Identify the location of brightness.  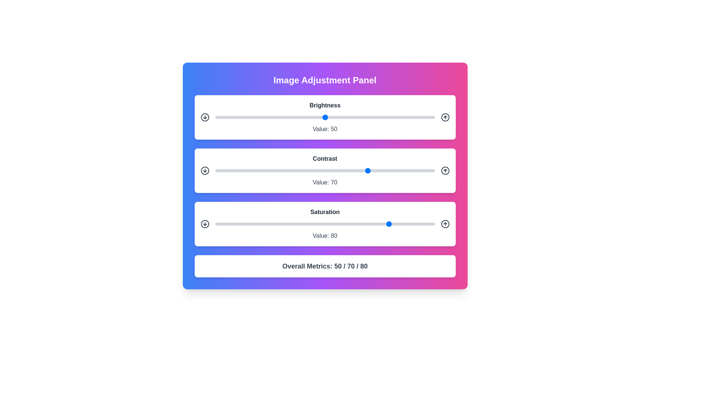
(333, 117).